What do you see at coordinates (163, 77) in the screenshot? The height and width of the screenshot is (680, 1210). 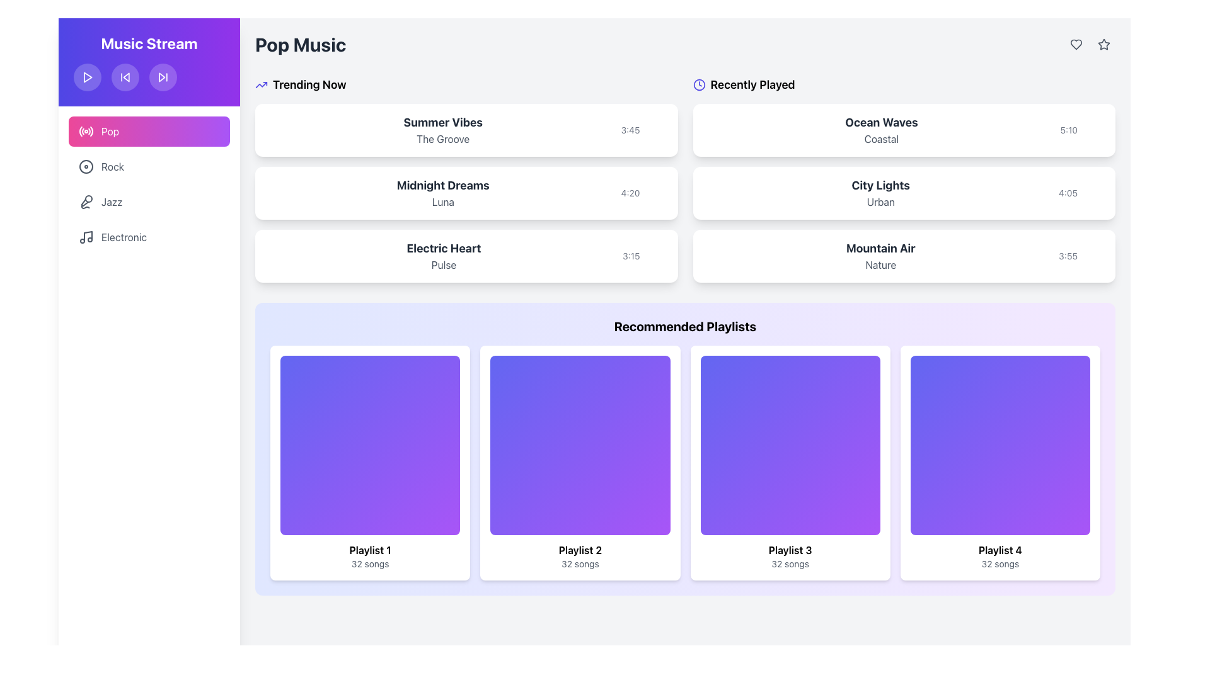 I see `the skip forward button located at the top of the interface in the Music Stream section to advance to the next item in the sequence` at bounding box center [163, 77].